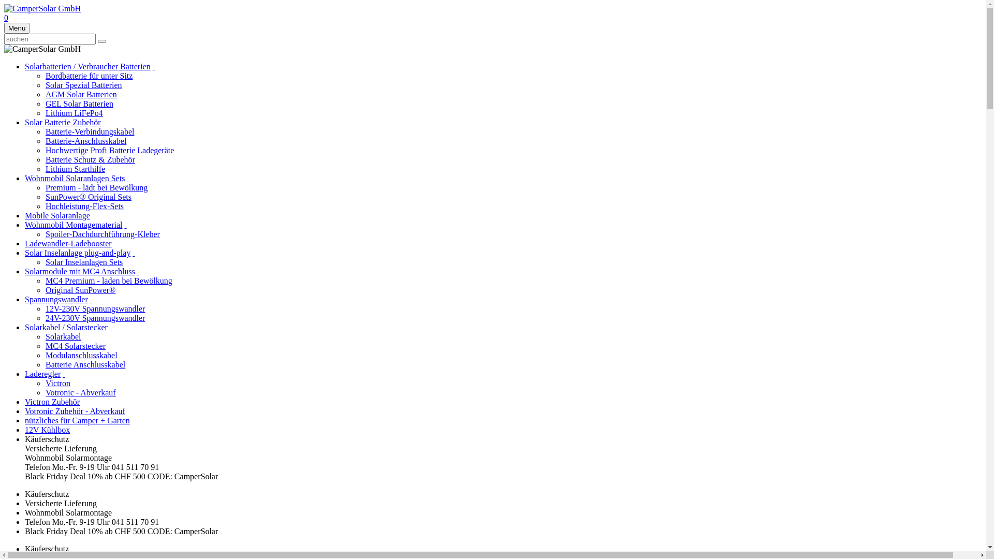 Image resolution: width=994 pixels, height=559 pixels. I want to click on 'Lithium Starthilfe', so click(45, 168).